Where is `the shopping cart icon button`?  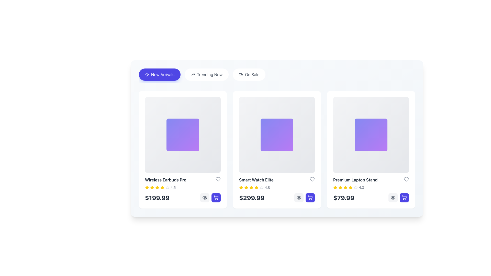
the shopping cart icon button is located at coordinates (216, 198).